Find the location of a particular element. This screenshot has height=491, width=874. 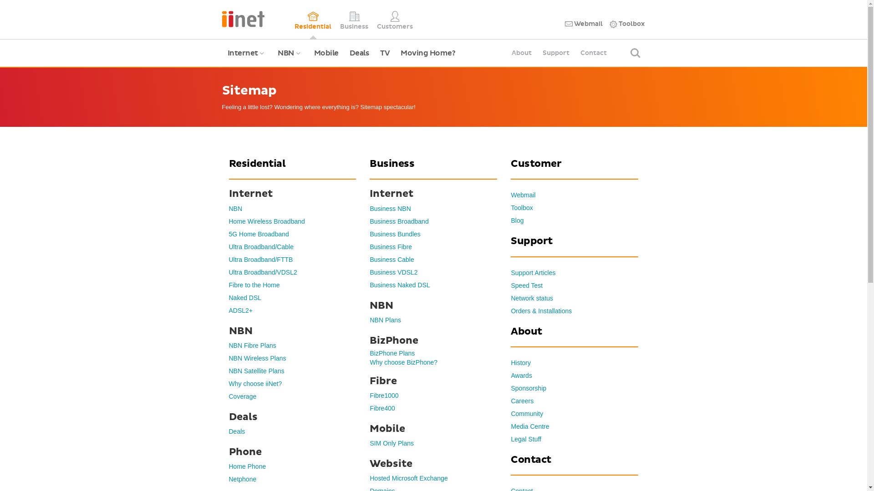

'Home Wireless Broadband' is located at coordinates (229, 221).